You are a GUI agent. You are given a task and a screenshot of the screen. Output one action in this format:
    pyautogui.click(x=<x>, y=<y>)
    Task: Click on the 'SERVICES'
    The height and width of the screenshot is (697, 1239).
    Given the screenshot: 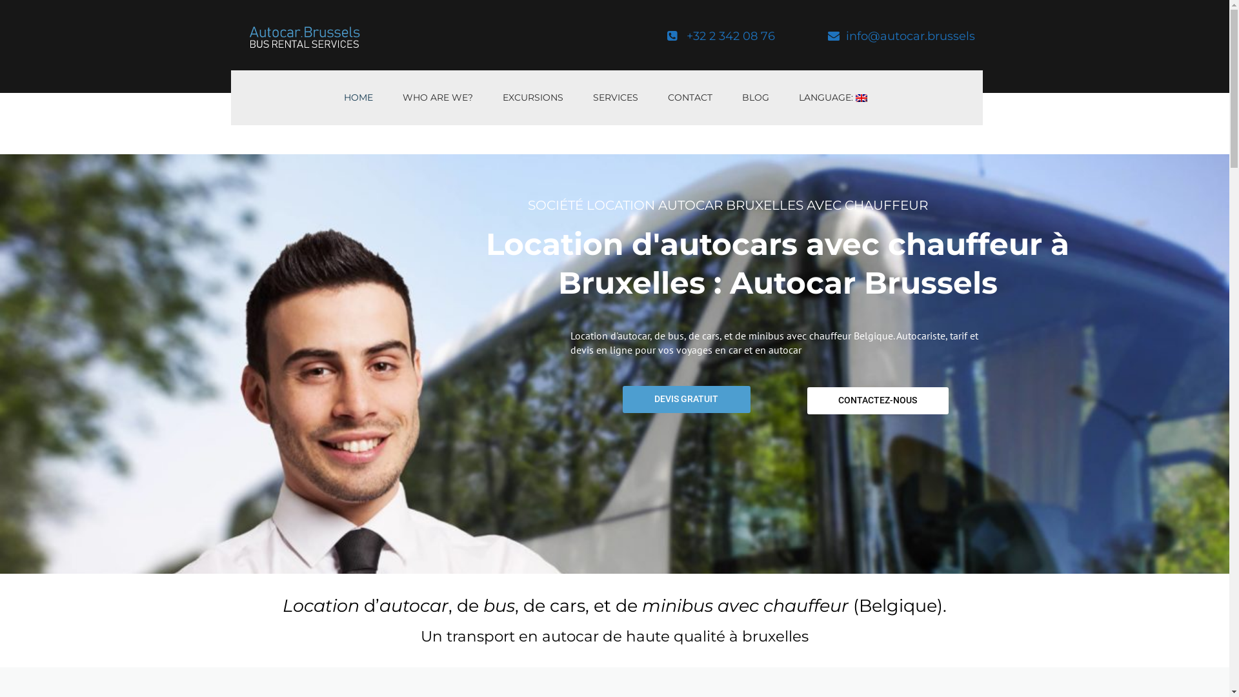 What is the action you would take?
    pyautogui.click(x=615, y=97)
    